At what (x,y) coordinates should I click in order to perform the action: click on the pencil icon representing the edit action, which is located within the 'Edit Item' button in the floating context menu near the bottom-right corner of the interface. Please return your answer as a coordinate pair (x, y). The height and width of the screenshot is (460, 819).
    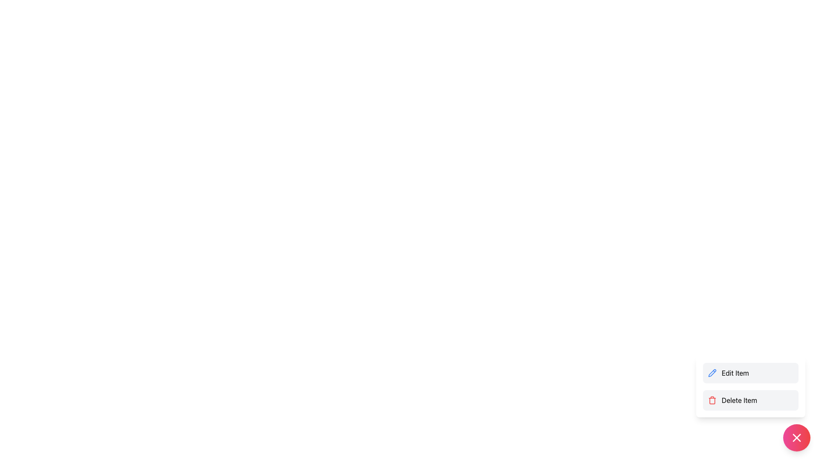
    Looking at the image, I should click on (712, 372).